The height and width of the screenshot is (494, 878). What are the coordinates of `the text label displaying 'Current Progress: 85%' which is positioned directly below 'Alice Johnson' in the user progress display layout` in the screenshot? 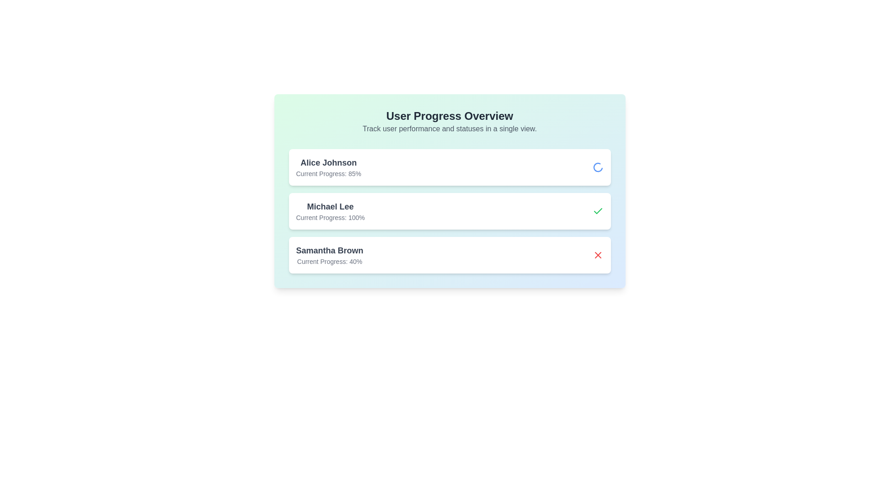 It's located at (328, 174).